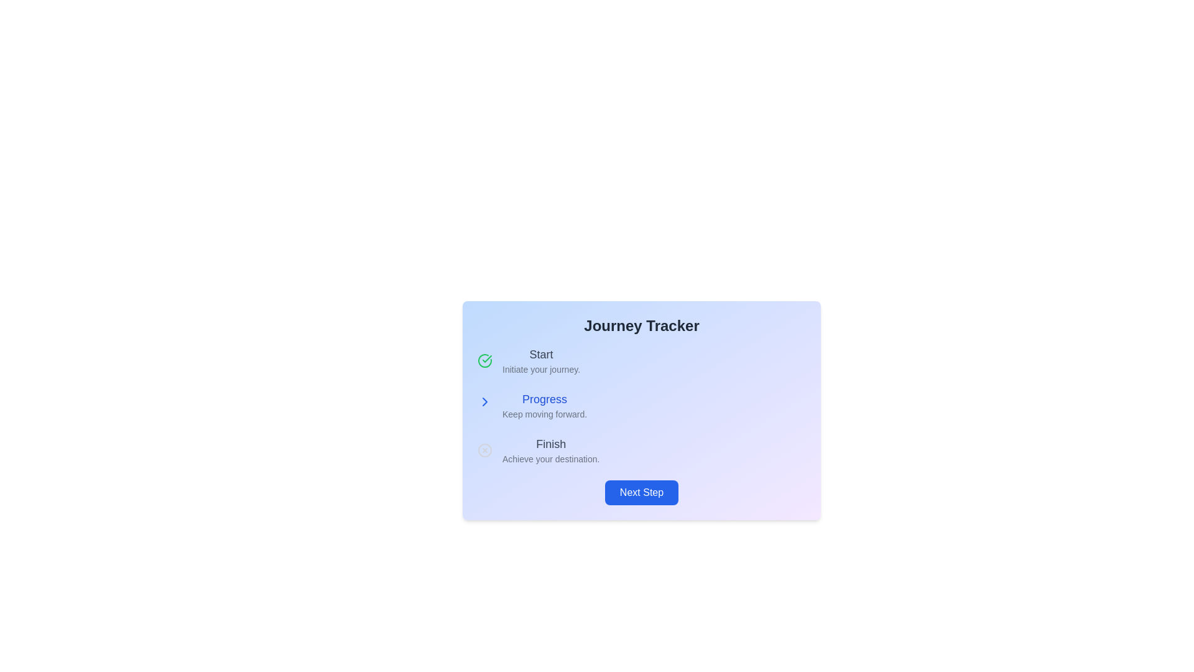  What do you see at coordinates (541, 369) in the screenshot?
I see `the text element displaying 'Initiate your journey.' located directly below the 'Start' header` at bounding box center [541, 369].